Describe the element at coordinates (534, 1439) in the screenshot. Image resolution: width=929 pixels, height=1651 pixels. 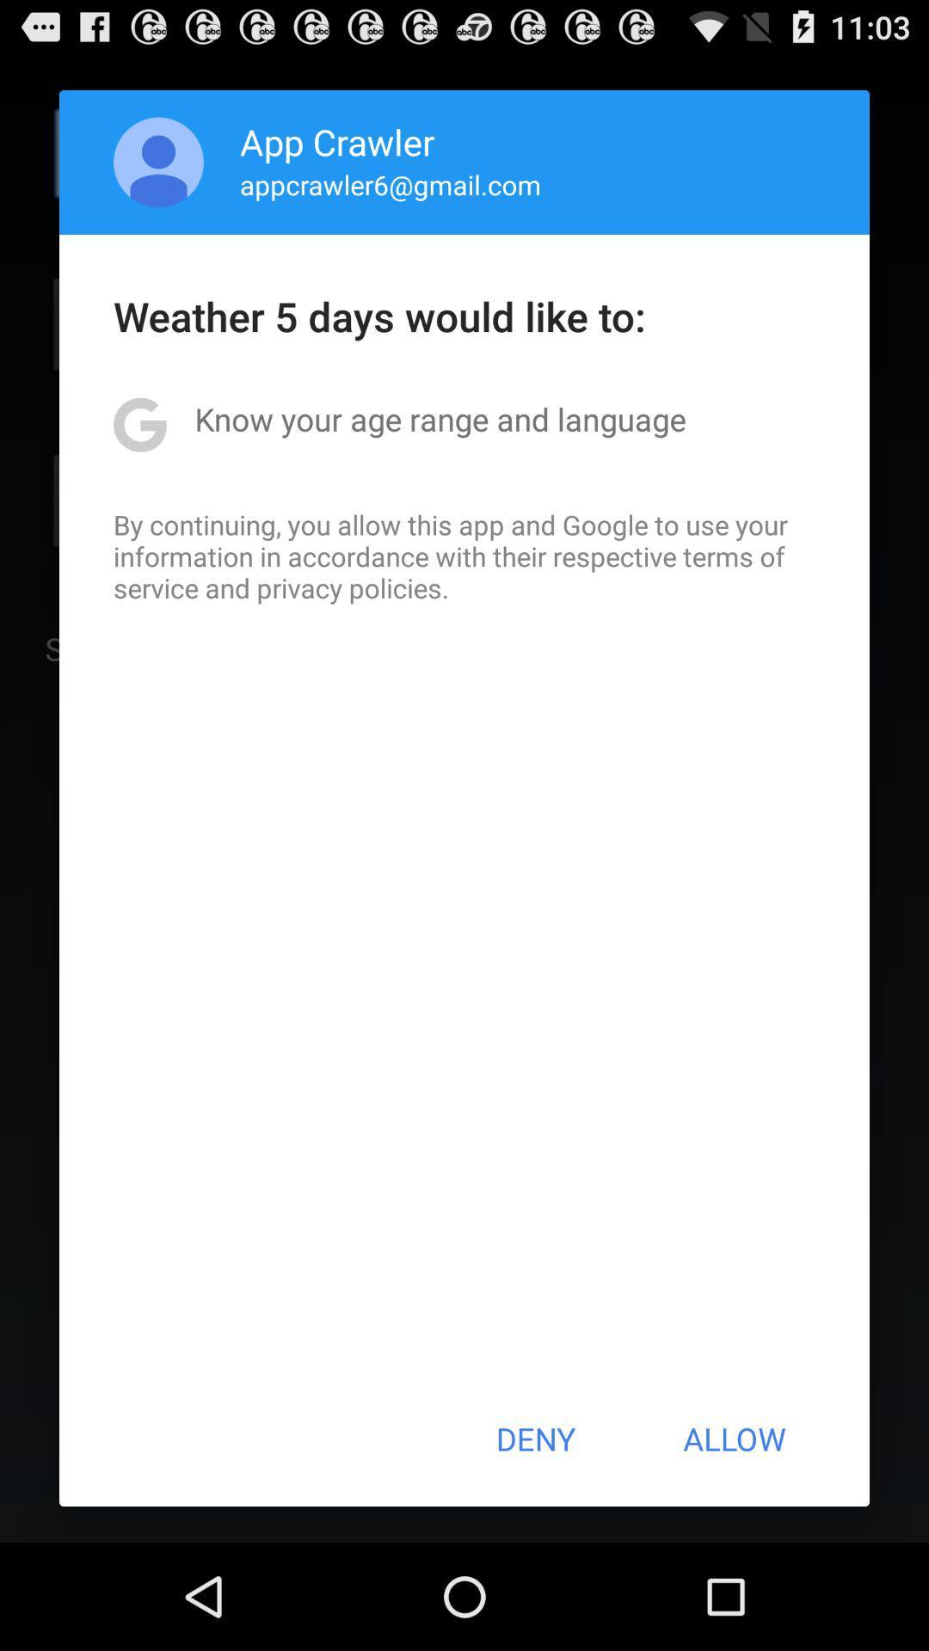
I see `icon next to the allow button` at that location.